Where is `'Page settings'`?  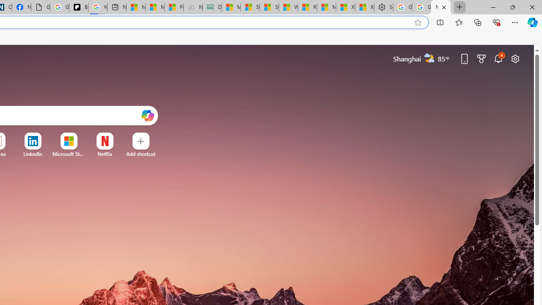 'Page settings' is located at coordinates (514, 58).